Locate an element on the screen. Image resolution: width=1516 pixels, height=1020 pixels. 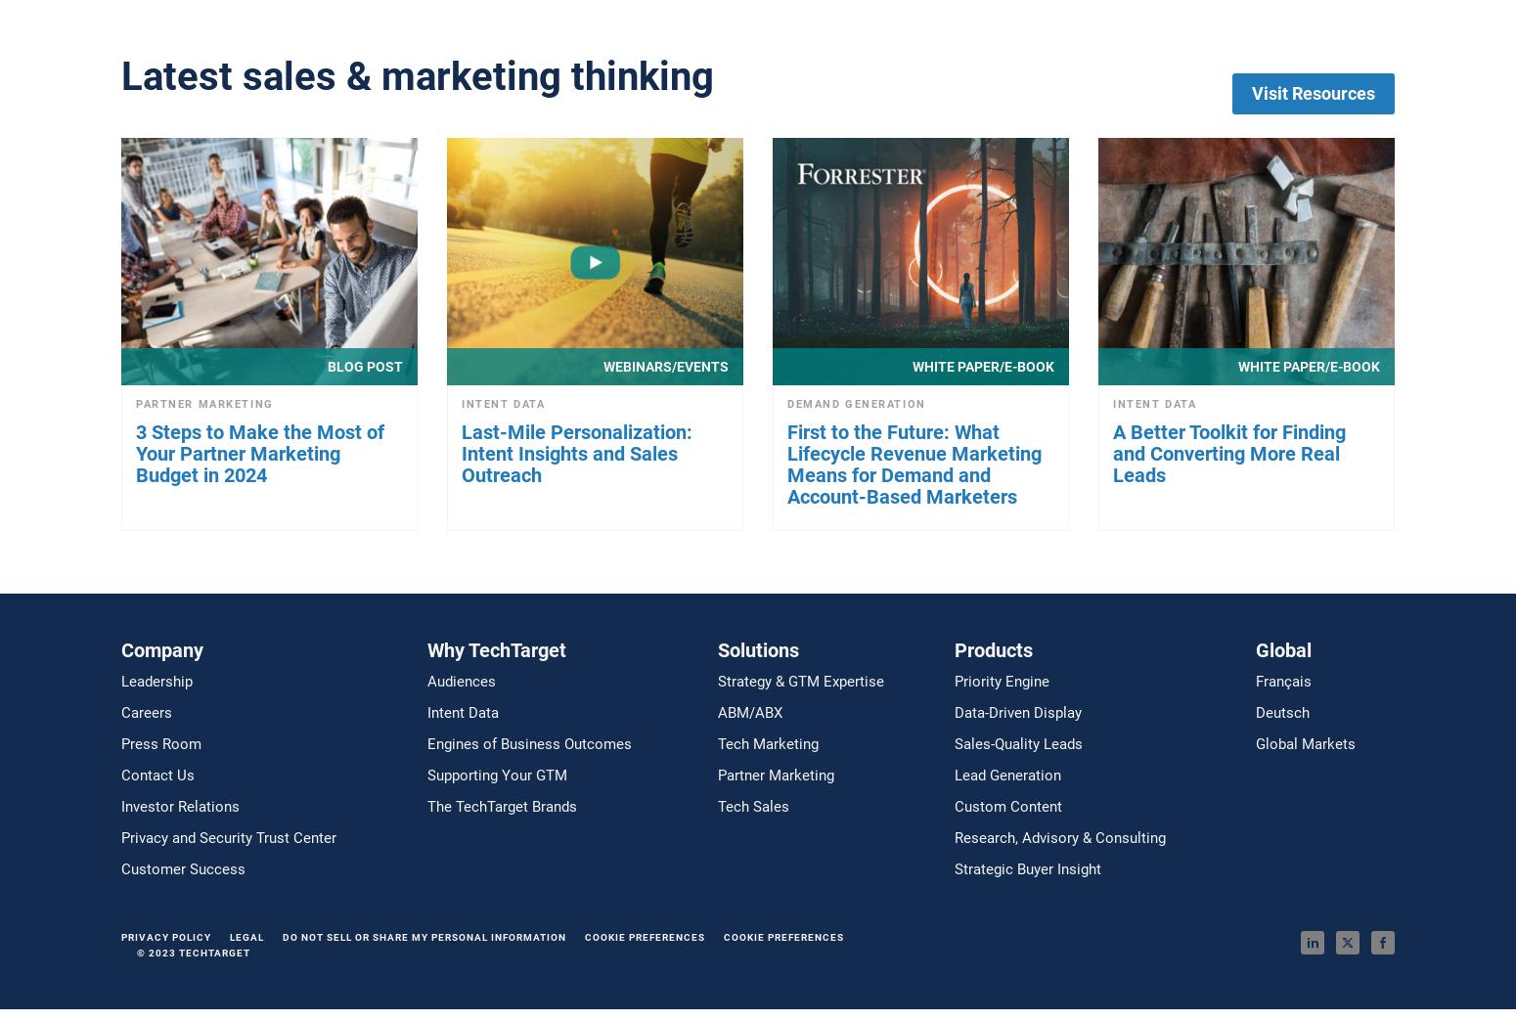
'3 Steps to Make the Most of Your Partner Marketing Budget in 2024' is located at coordinates (259, 451).